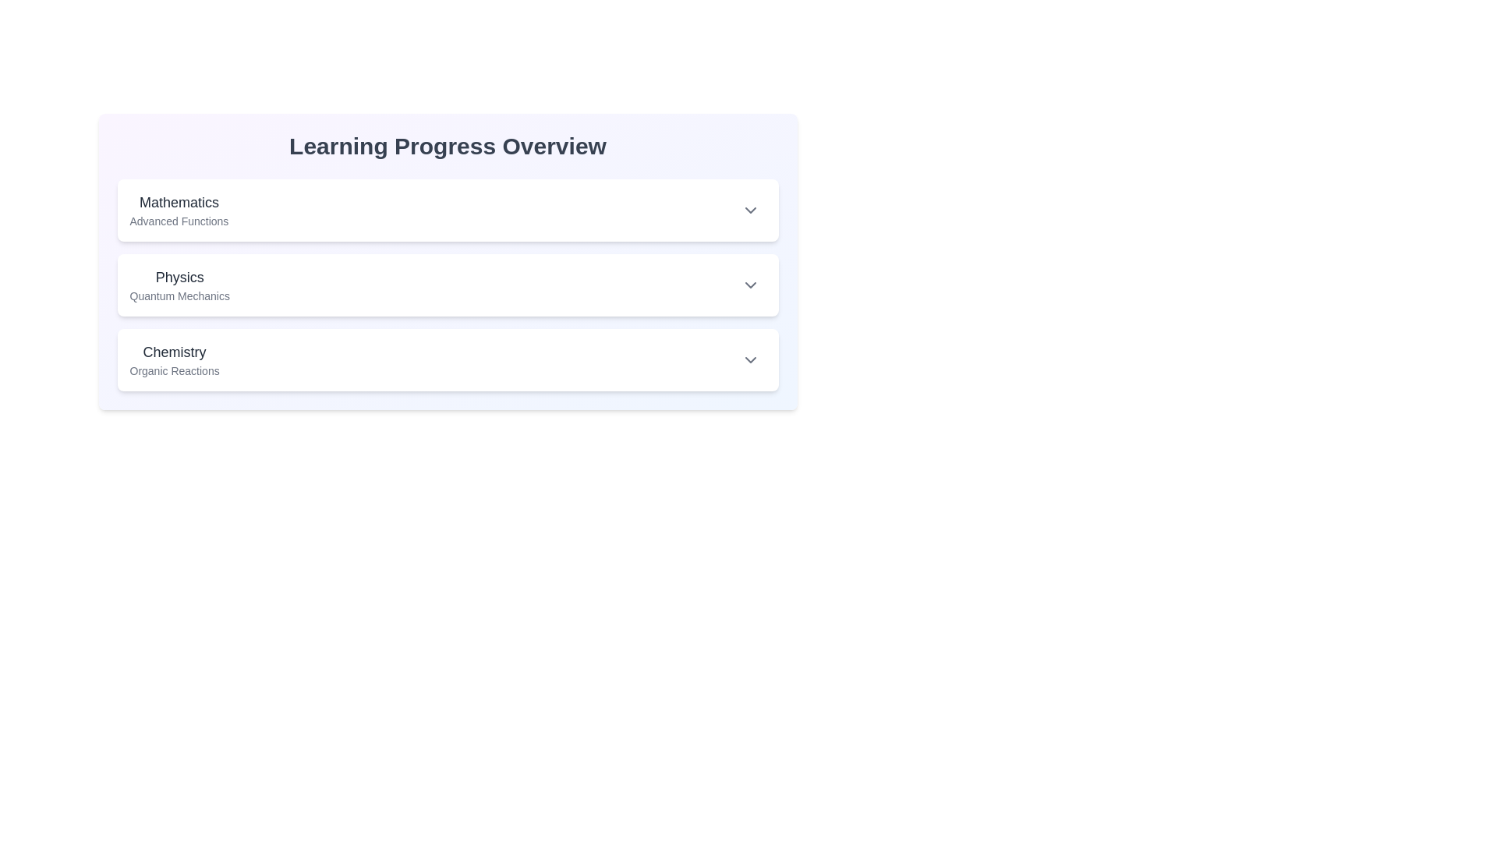 Image resolution: width=1497 pixels, height=842 pixels. I want to click on centered, bold, large heading text 'Learning Progress Overview' which is positioned above categorized sections, so click(447, 147).